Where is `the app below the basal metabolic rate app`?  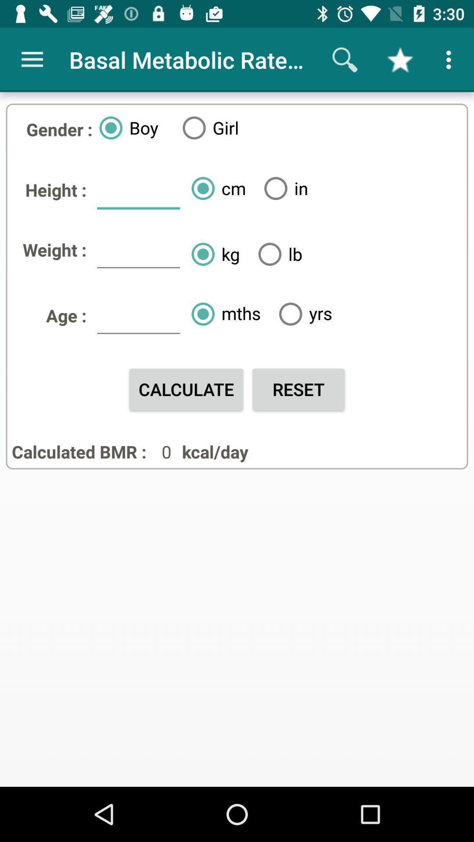
the app below the basal metabolic rate app is located at coordinates (283, 188).